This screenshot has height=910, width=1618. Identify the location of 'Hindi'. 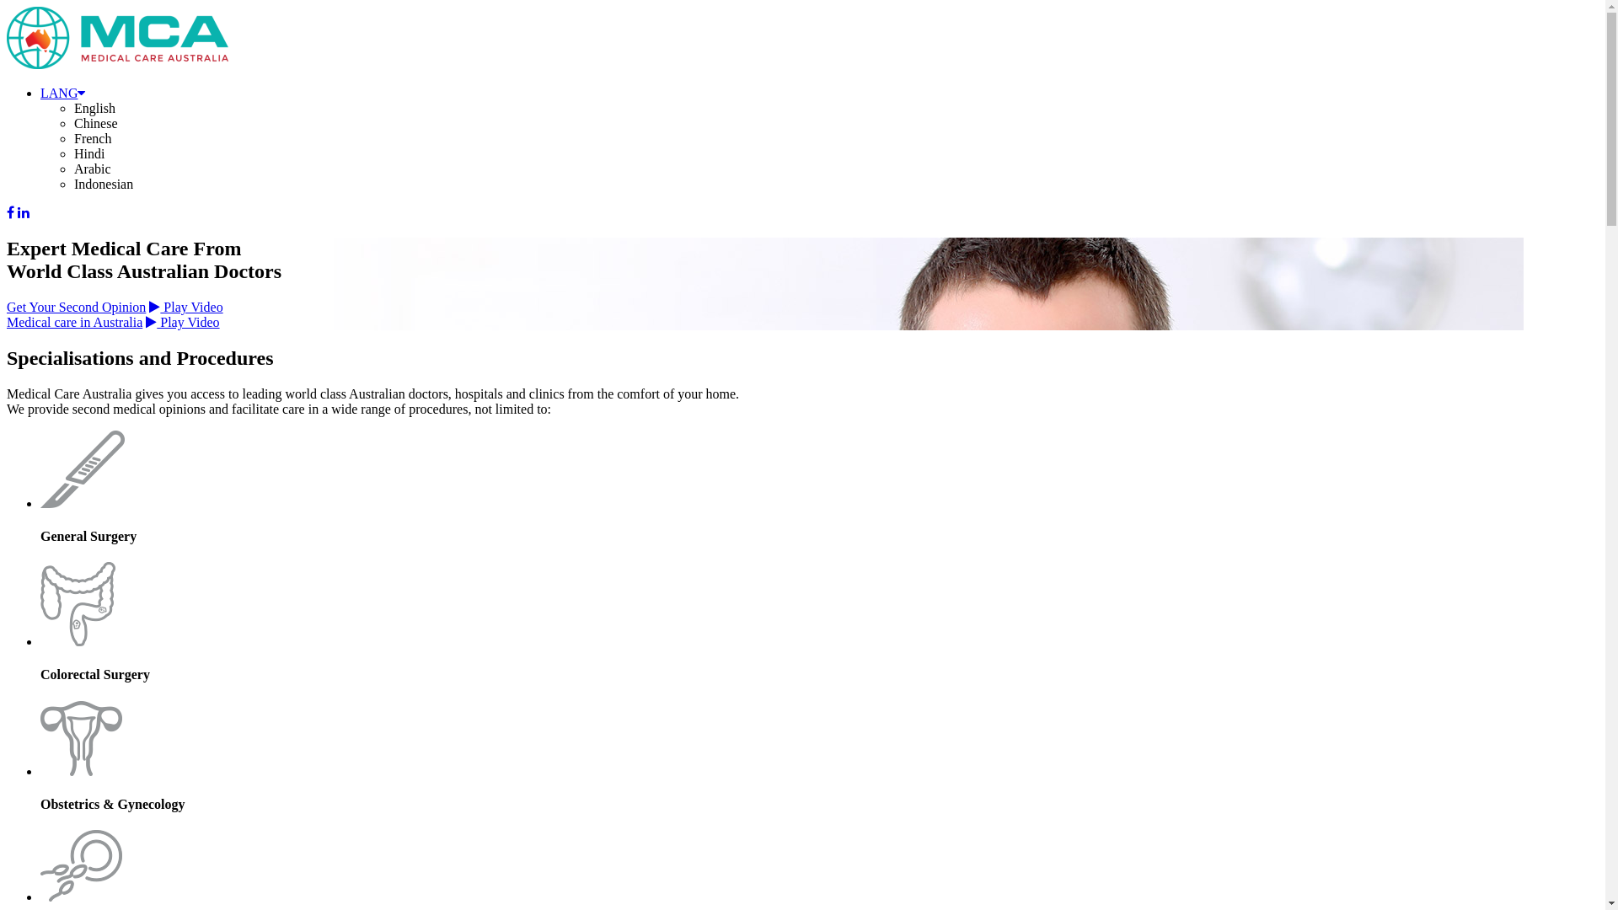
(88, 153).